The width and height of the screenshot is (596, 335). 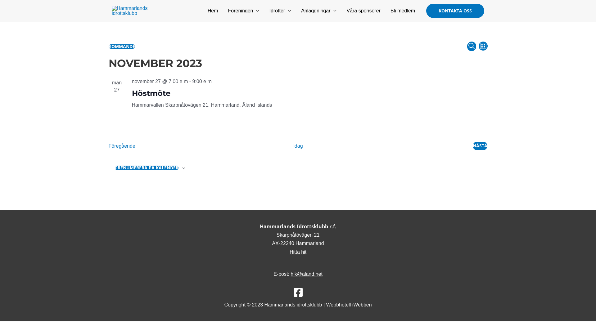 What do you see at coordinates (297, 146) in the screenshot?
I see `'Idag'` at bounding box center [297, 146].